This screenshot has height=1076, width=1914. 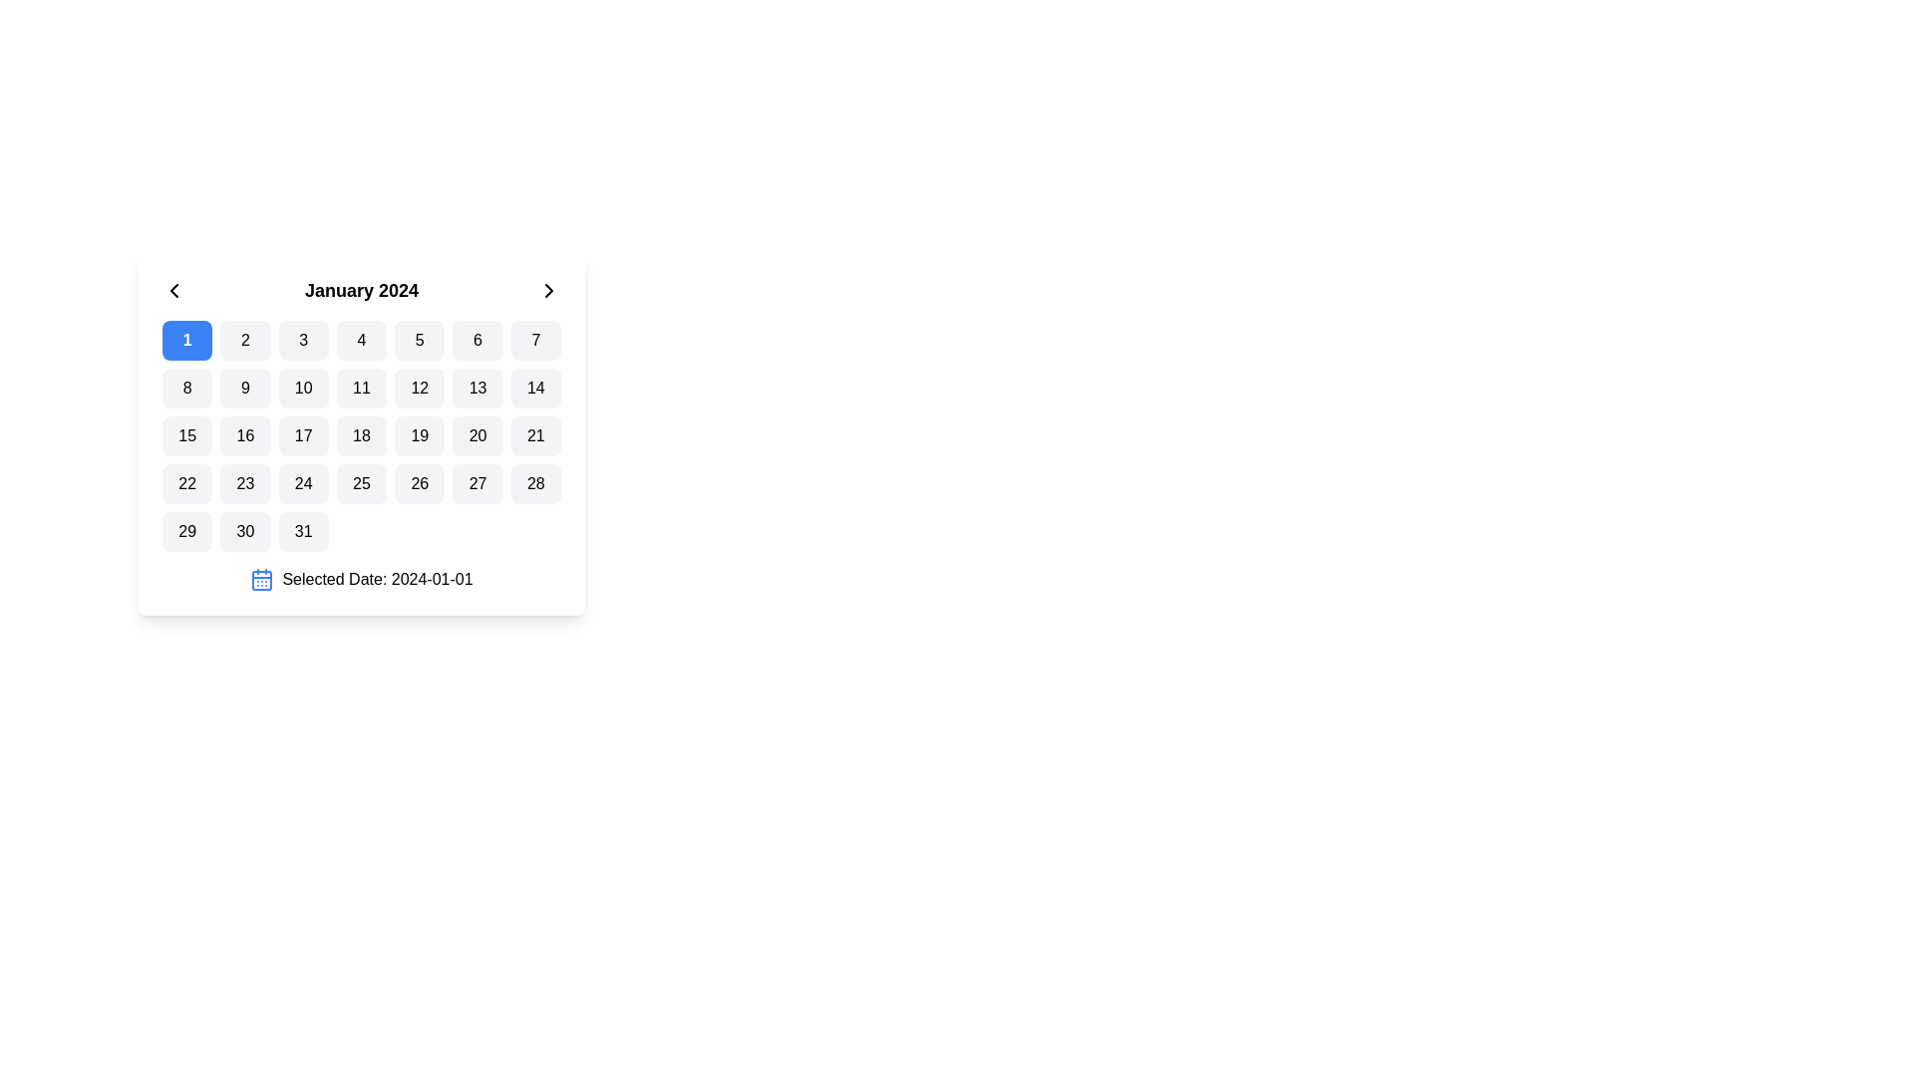 I want to click on the Interactive calendar day cell displaying the number '7', which is part of the first row in a 7-column grid, so click(x=535, y=340).